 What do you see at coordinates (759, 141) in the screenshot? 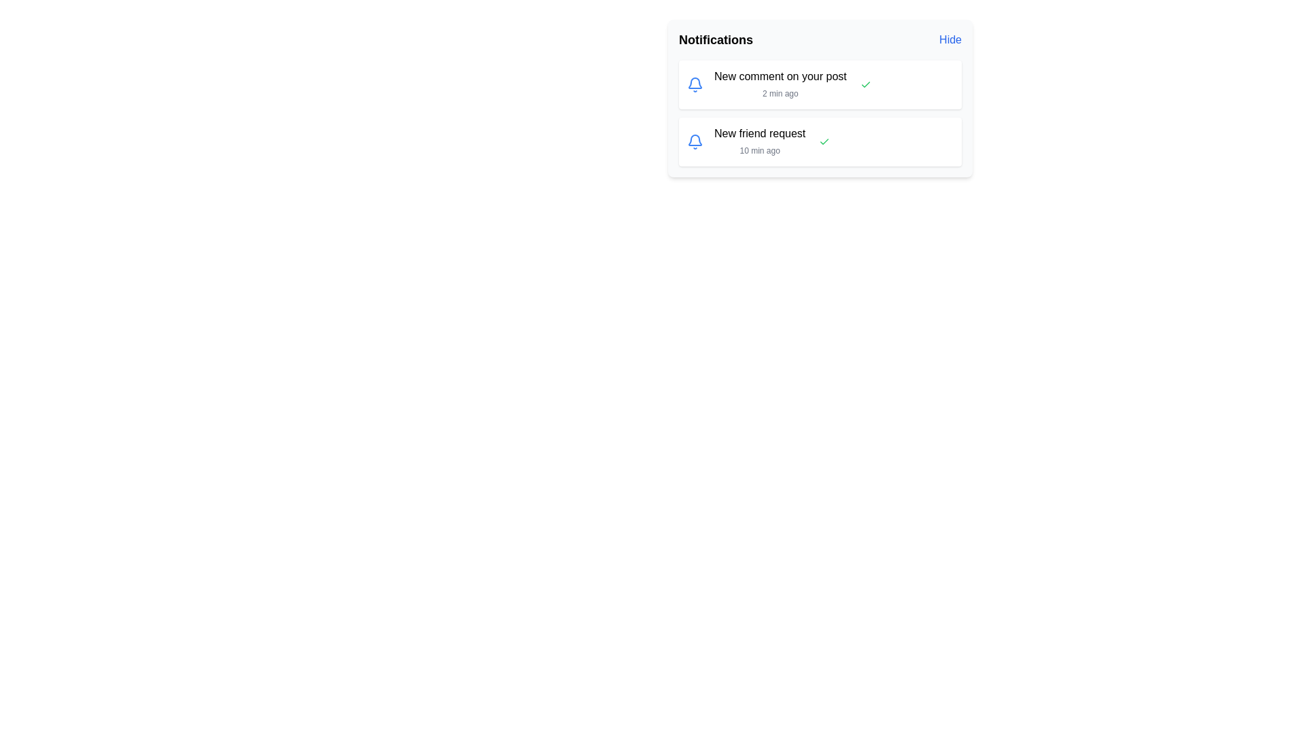
I see `notification titled 'New friend request' displayed in the text label located below the 'New comment on your post' notification` at bounding box center [759, 141].